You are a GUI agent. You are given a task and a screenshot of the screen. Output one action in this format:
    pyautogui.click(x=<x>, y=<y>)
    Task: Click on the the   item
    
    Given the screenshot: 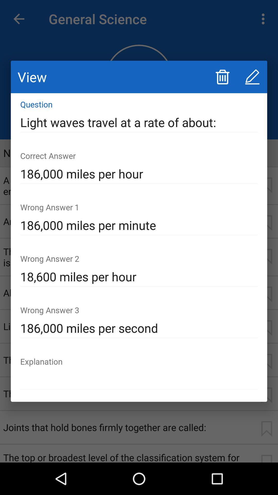 What is the action you would take?
    pyautogui.click(x=139, y=380)
    